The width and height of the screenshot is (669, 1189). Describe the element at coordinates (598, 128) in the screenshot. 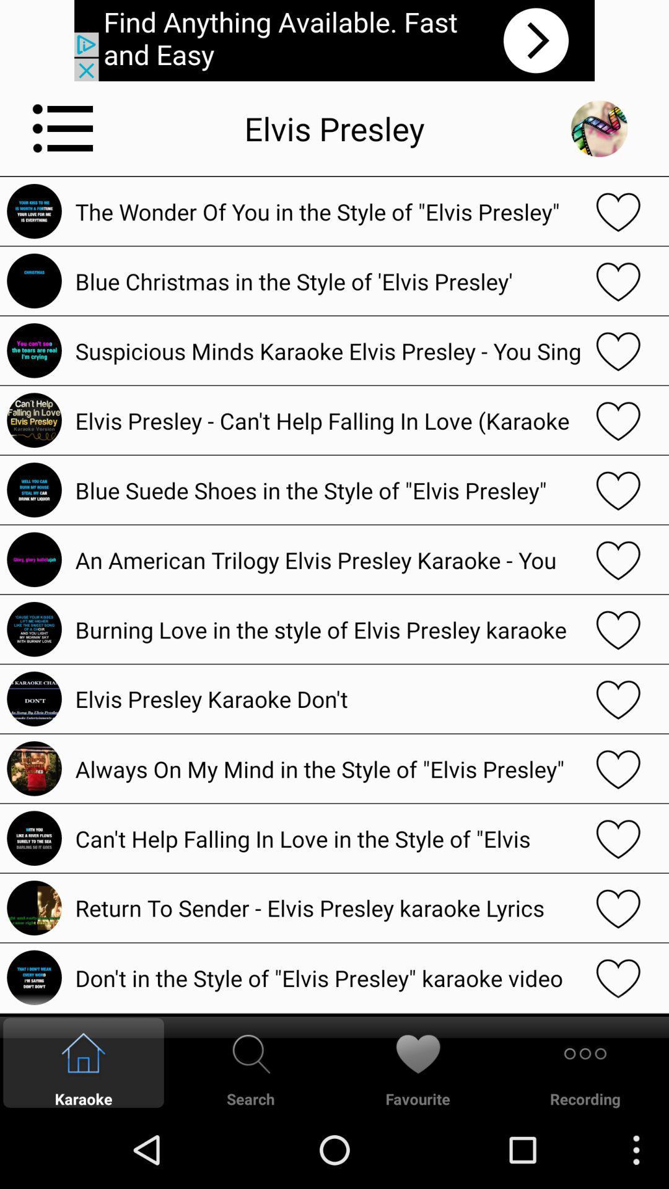

I see `profile picture` at that location.